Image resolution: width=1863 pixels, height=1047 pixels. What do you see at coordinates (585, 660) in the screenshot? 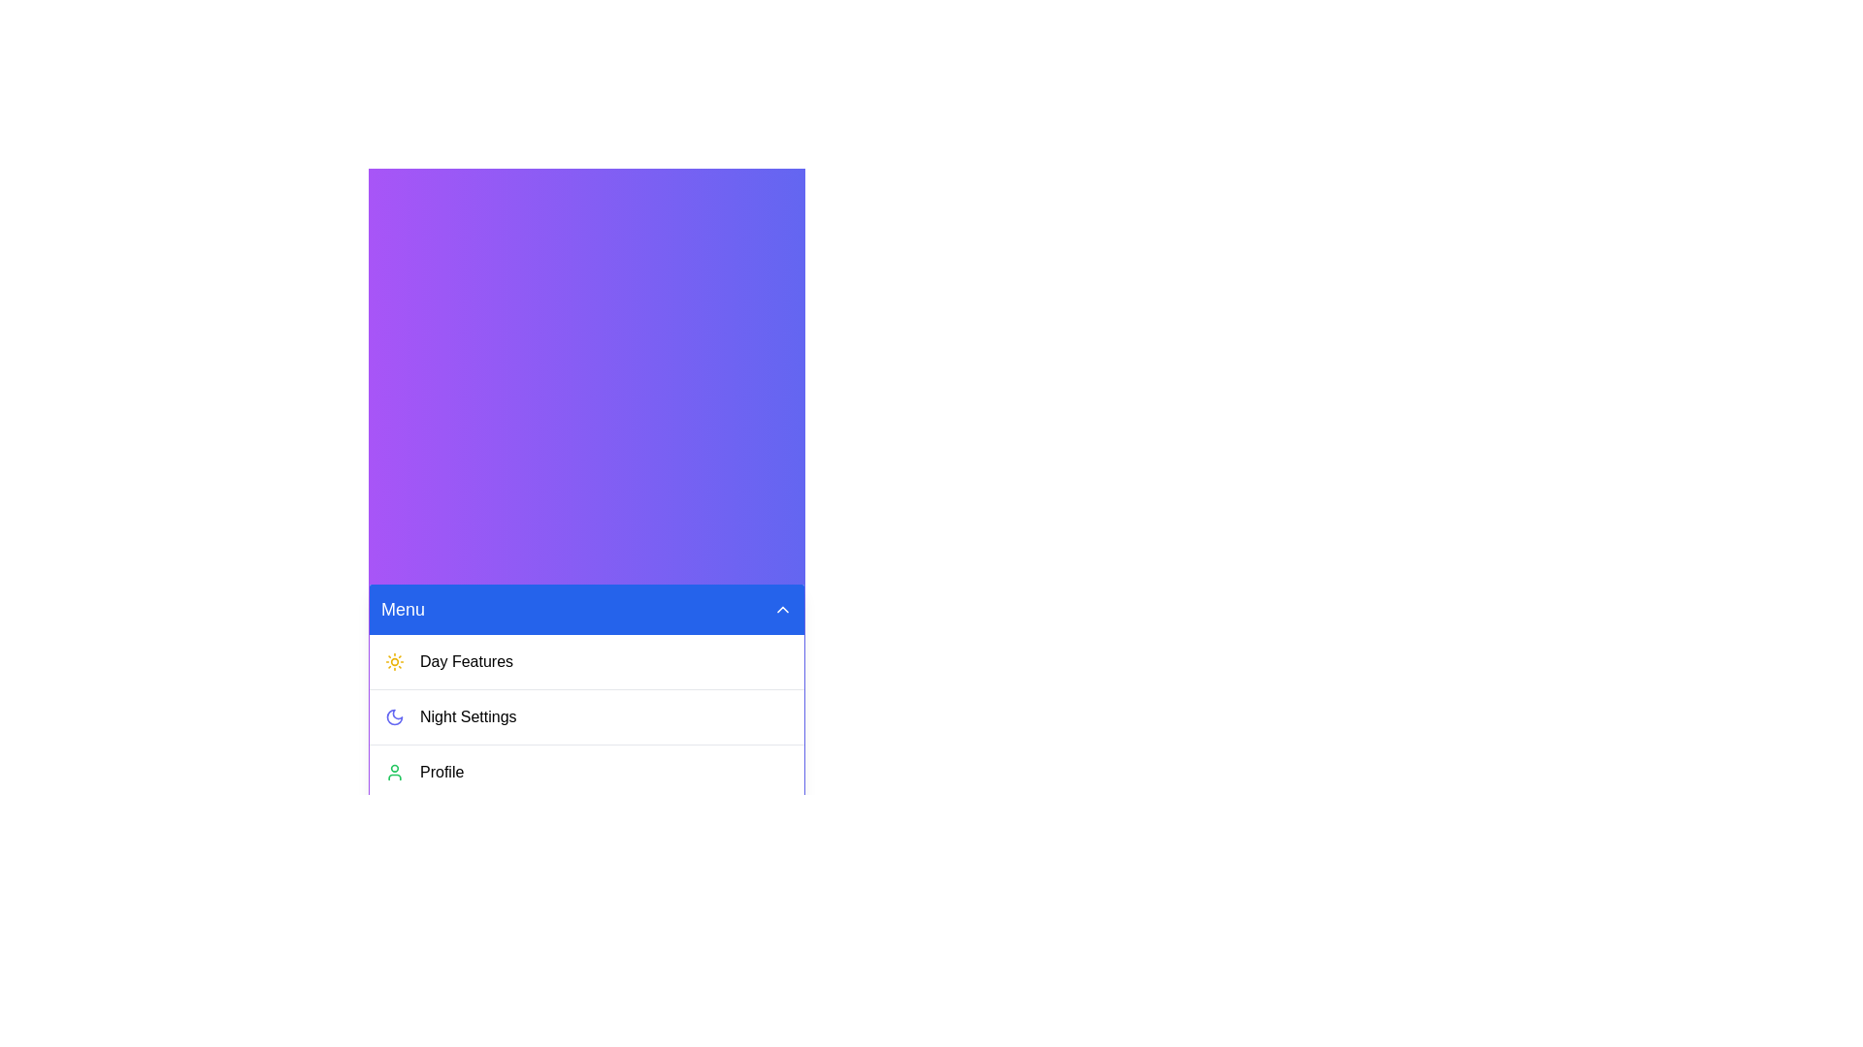
I see `the 'Day Features' menu item` at bounding box center [585, 660].